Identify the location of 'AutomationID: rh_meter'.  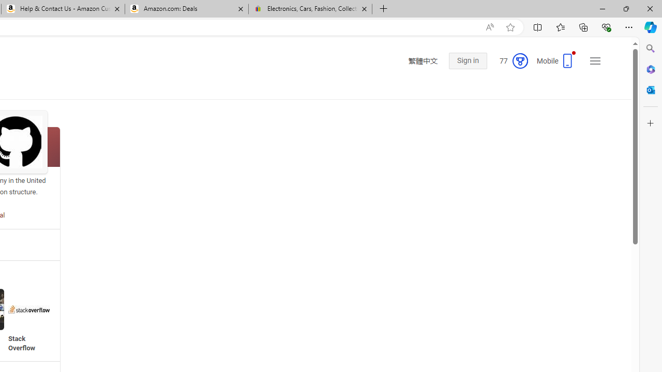
(520, 61).